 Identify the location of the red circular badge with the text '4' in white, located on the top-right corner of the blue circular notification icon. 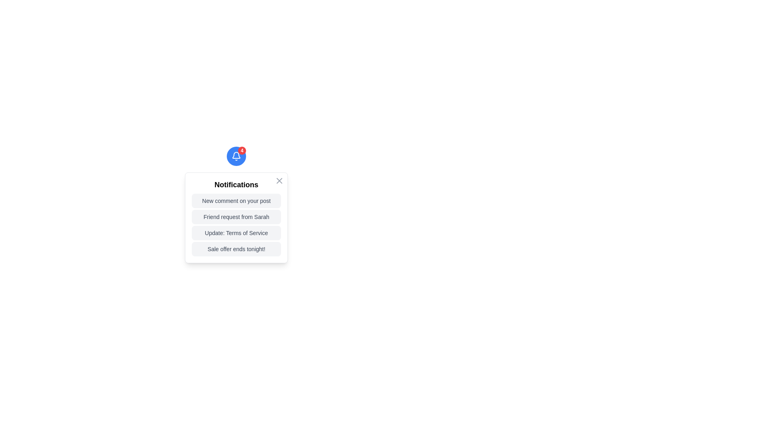
(241, 150).